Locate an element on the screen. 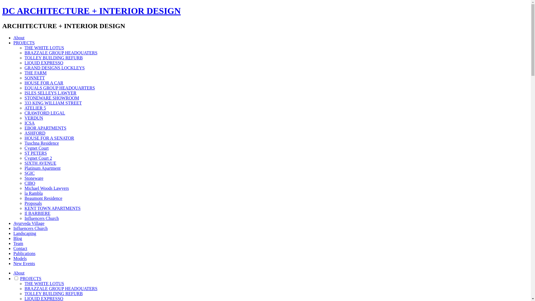 The width and height of the screenshot is (535, 301). 'BRAZZALE GROUP HEADQUATERS' is located at coordinates (61, 288).